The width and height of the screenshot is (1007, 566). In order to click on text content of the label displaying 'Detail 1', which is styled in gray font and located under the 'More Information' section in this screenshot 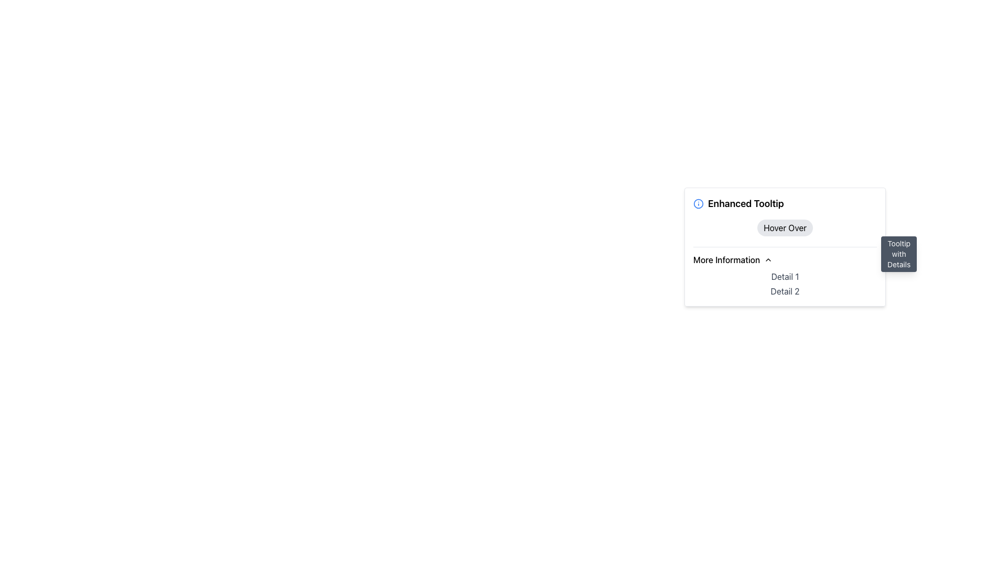, I will do `click(785, 276)`.